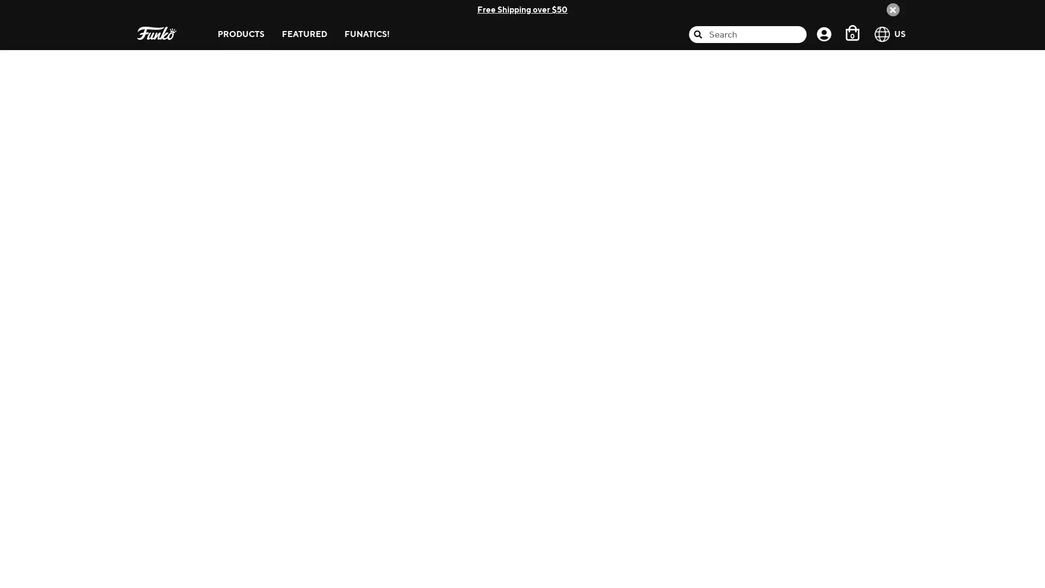 This screenshot has height=588, width=1045. What do you see at coordinates (273, 19) in the screenshot?
I see `PRODUCTS SUBMENU` at bounding box center [273, 19].